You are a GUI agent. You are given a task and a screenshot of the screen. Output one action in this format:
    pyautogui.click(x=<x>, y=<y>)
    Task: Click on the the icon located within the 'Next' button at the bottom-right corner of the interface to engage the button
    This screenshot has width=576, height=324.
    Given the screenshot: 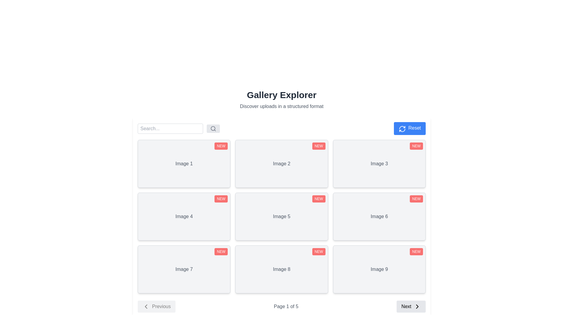 What is the action you would take?
    pyautogui.click(x=417, y=307)
    